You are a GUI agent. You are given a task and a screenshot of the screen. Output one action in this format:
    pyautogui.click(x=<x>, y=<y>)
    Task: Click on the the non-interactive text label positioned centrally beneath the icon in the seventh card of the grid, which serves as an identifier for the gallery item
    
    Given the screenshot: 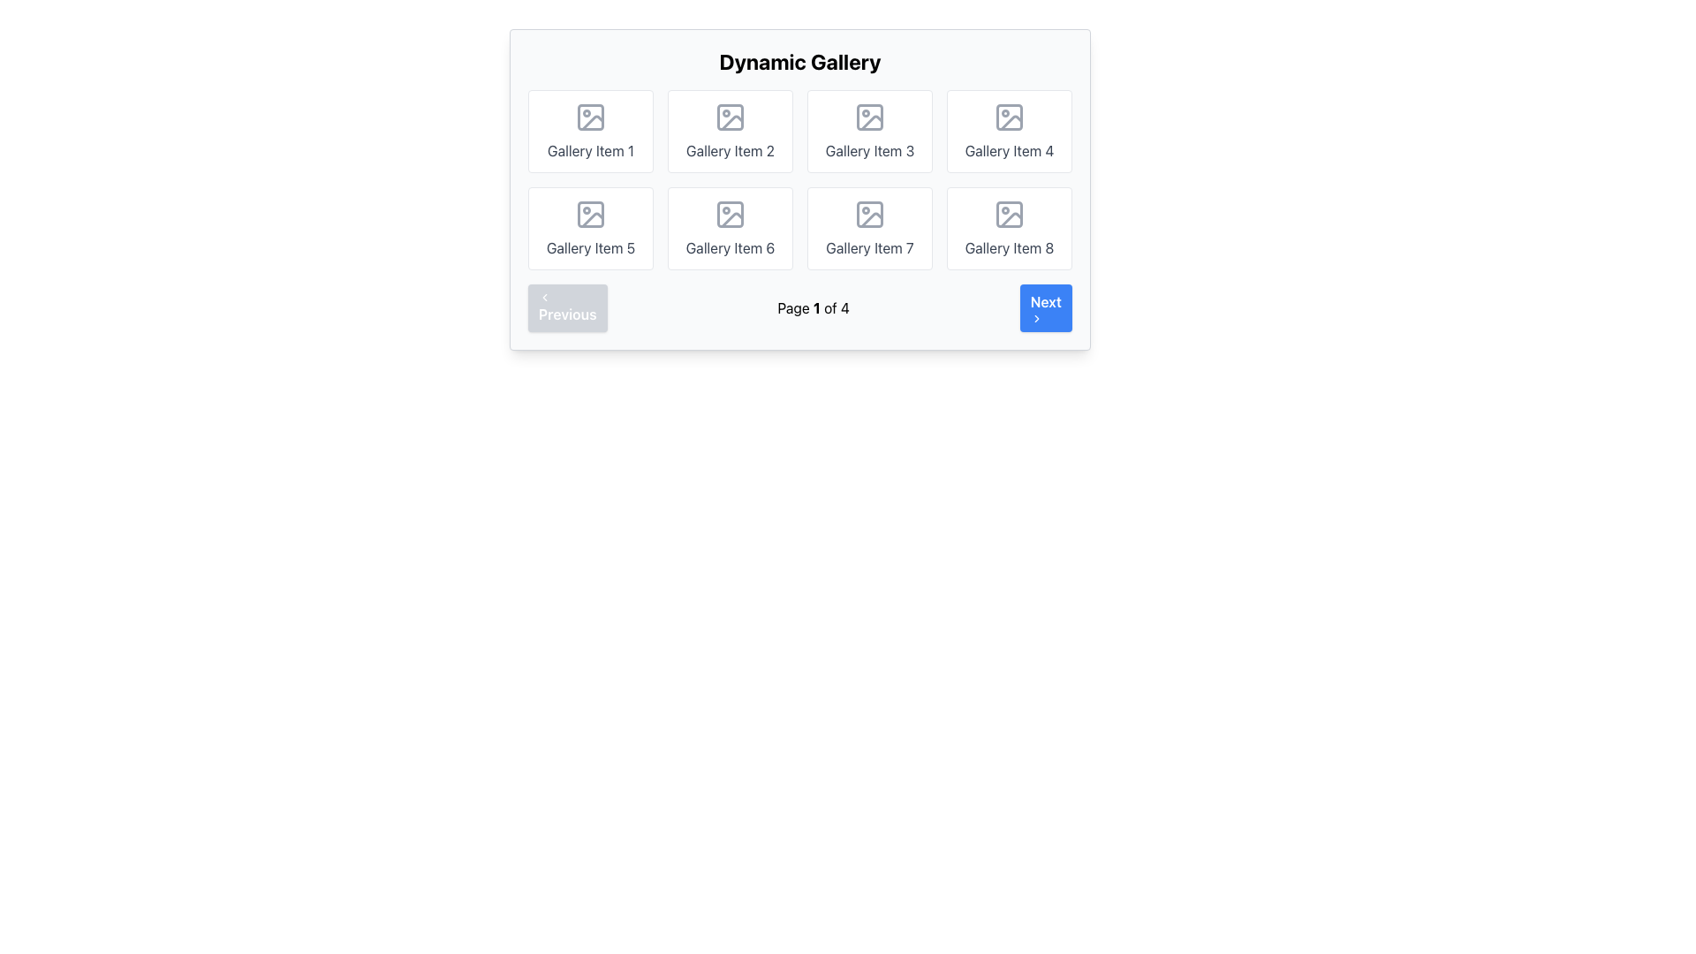 What is the action you would take?
    pyautogui.click(x=869, y=248)
    